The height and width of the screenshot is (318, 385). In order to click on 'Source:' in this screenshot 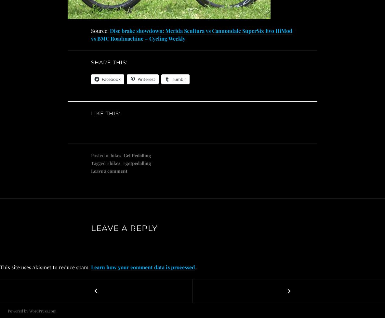, I will do `click(91, 31)`.